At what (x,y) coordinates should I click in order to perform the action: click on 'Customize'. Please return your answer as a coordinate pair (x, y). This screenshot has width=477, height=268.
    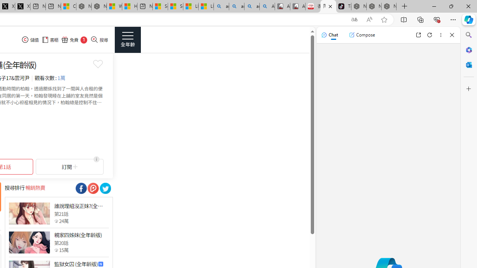
    Looking at the image, I should click on (468, 89).